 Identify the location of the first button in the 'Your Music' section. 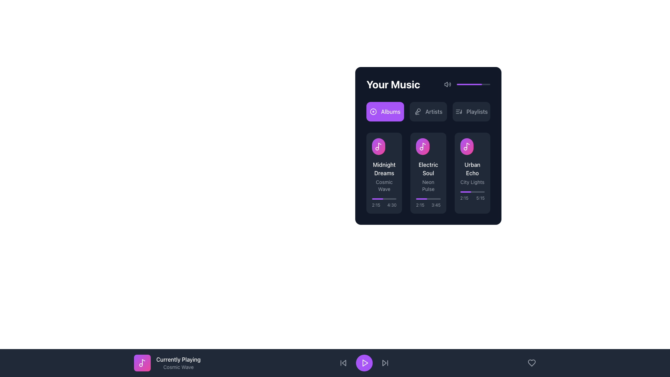
(385, 111).